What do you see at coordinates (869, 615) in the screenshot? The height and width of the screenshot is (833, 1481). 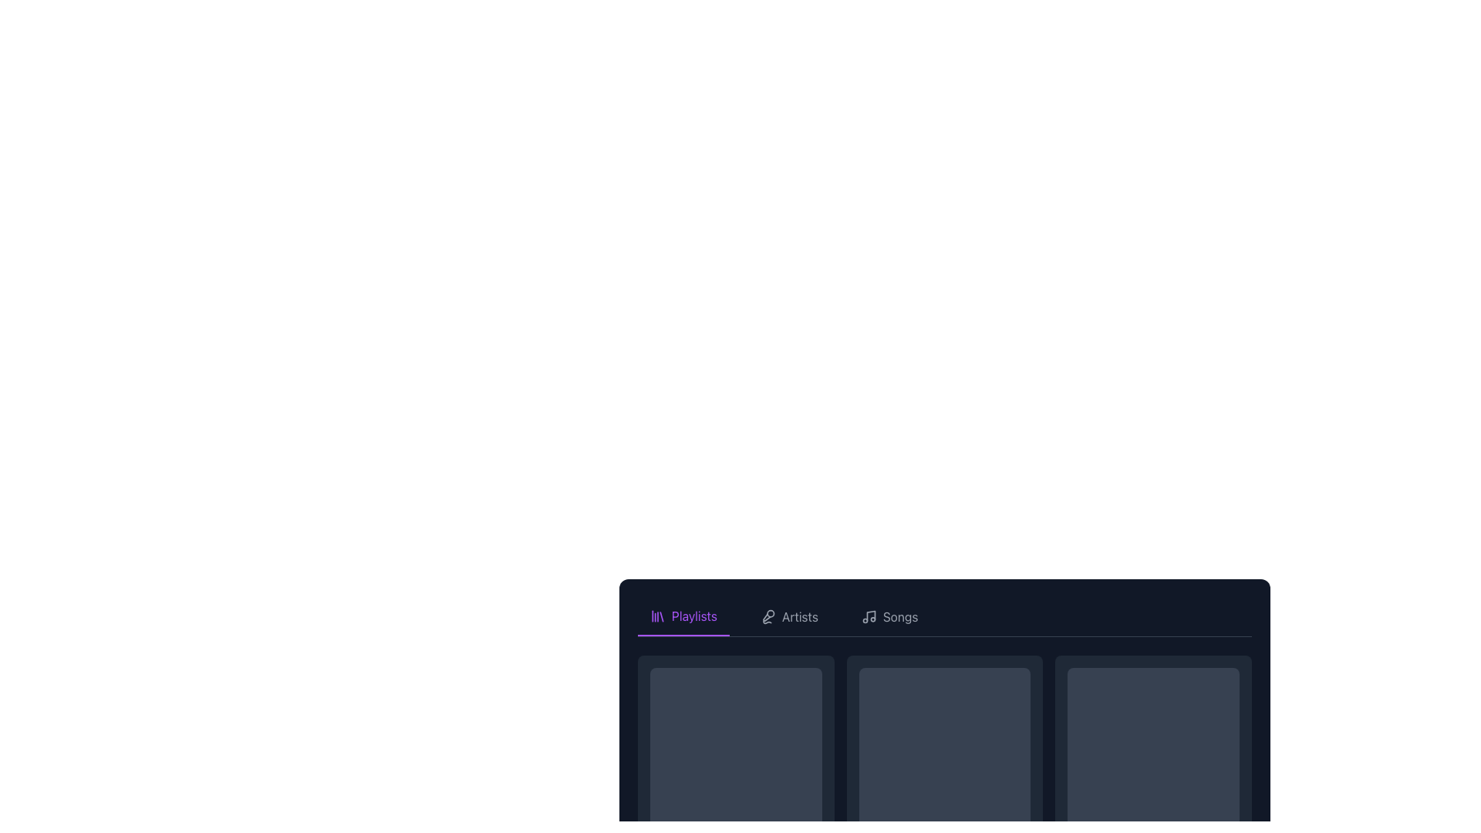 I see `small musical note icon located in the navigation menu, positioned to the right of the 'Artists' tab and left of the 'Songs' text` at bounding box center [869, 615].